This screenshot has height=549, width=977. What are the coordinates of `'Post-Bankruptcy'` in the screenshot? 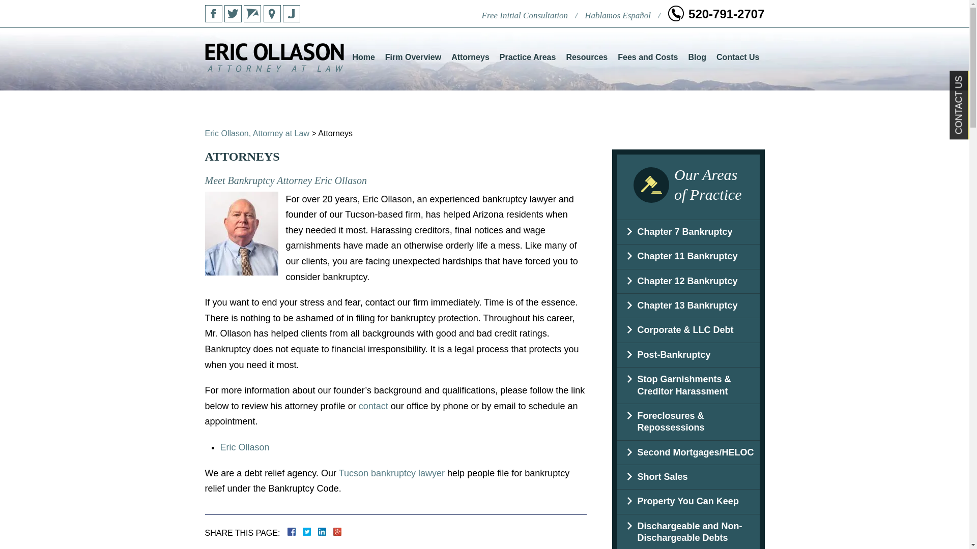 It's located at (688, 354).